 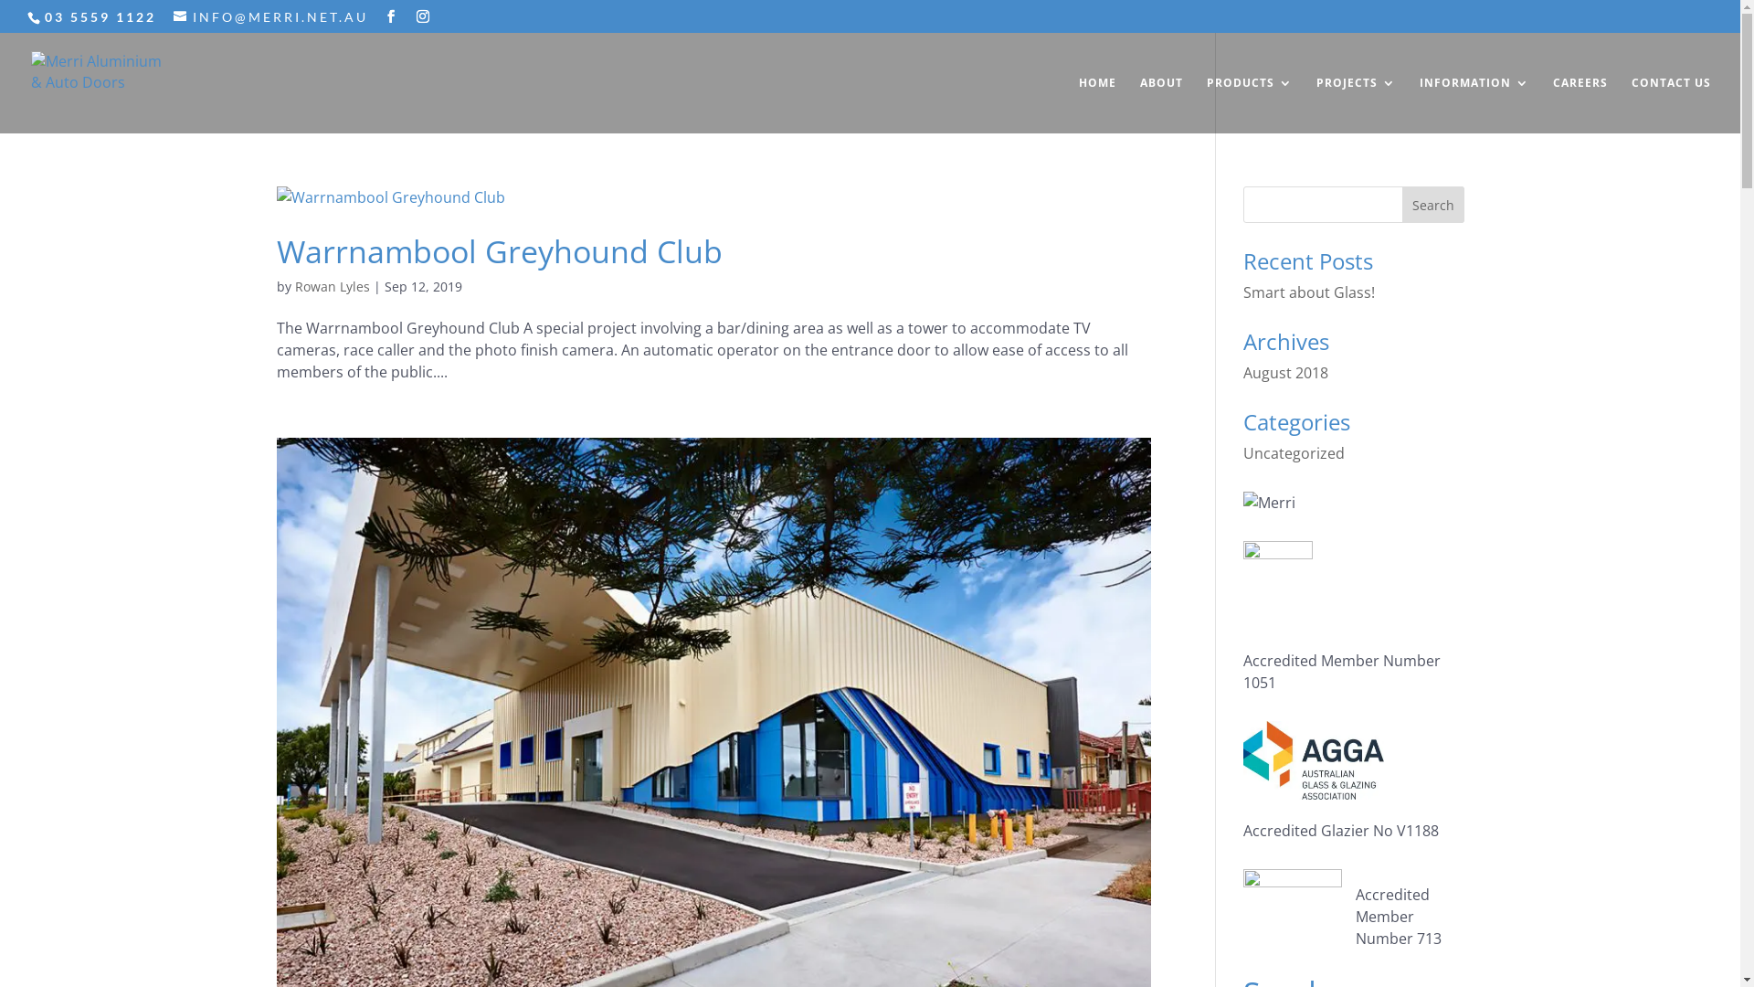 What do you see at coordinates (269, 16) in the screenshot?
I see `'INFO@MERRI.NET.AU'` at bounding box center [269, 16].